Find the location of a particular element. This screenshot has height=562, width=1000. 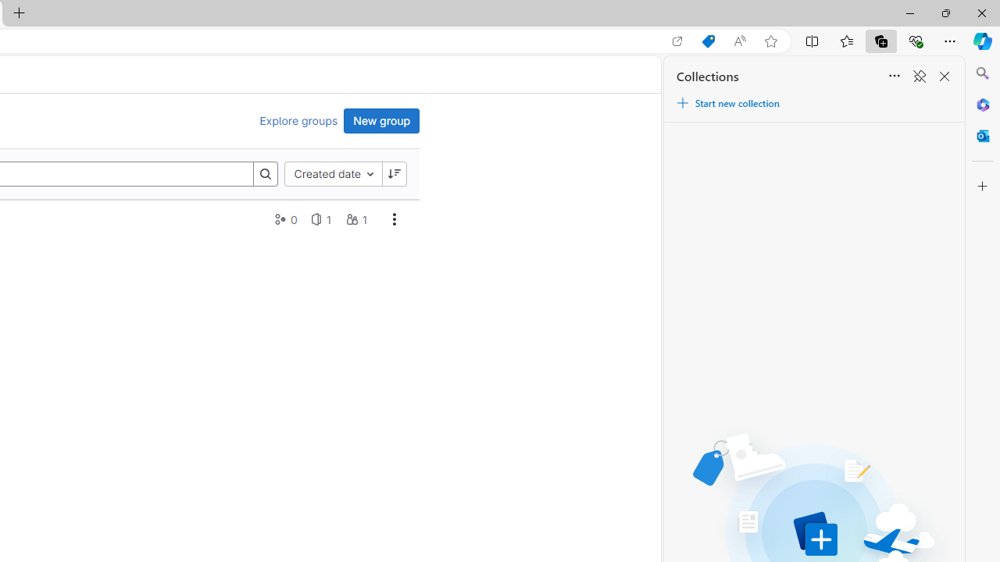

'Explore groups' is located at coordinates (298, 120).